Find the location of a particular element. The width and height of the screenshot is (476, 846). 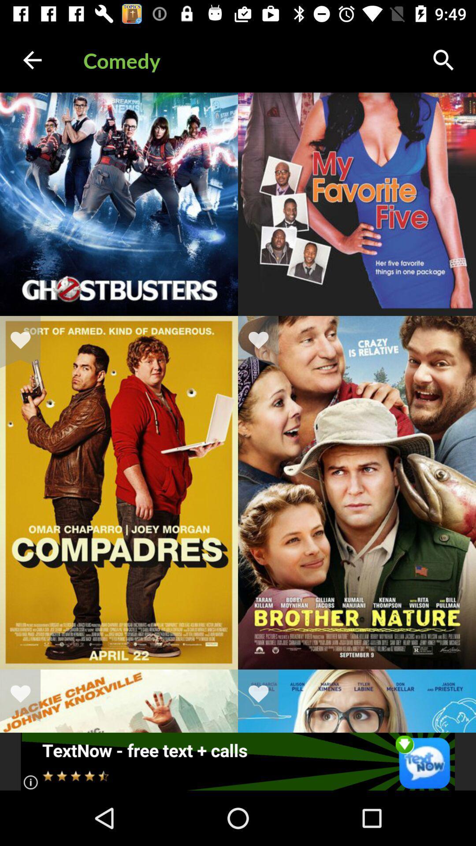

advertisement is located at coordinates (237, 761).